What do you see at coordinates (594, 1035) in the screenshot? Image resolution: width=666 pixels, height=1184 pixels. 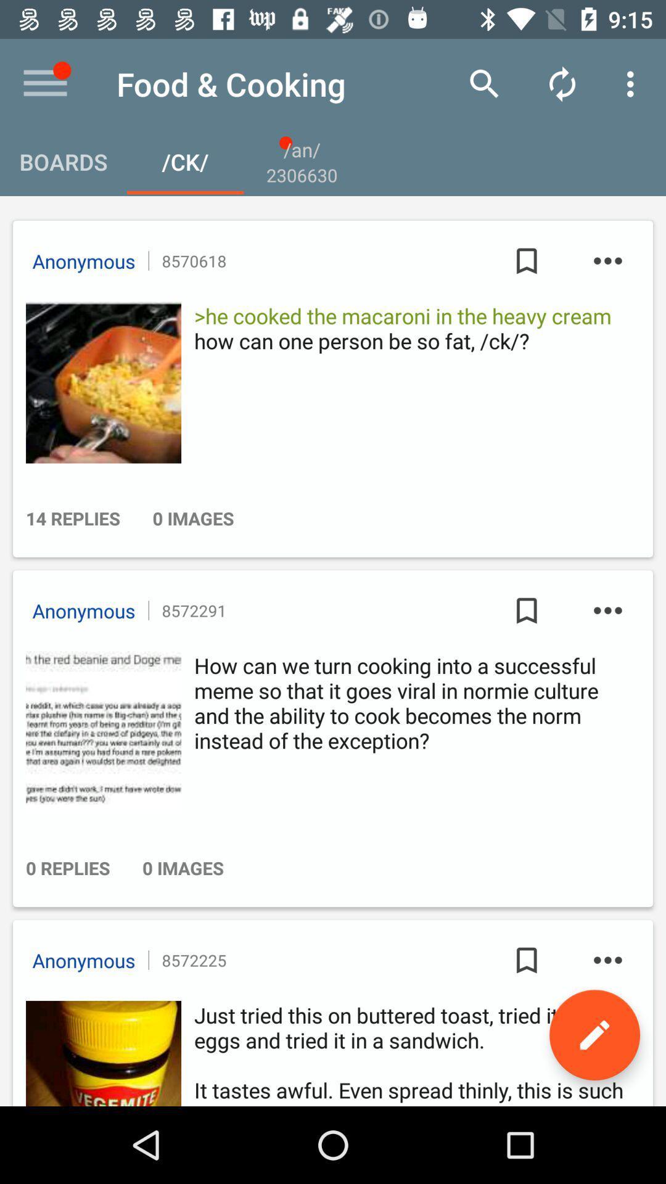 I see `edit it` at bounding box center [594, 1035].